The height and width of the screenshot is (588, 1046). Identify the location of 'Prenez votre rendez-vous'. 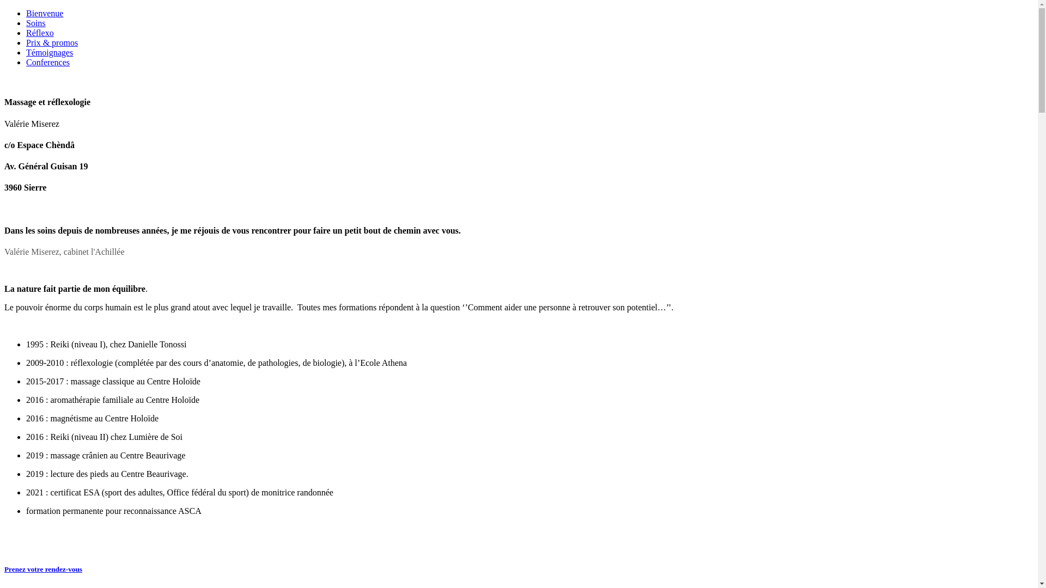
(43, 568).